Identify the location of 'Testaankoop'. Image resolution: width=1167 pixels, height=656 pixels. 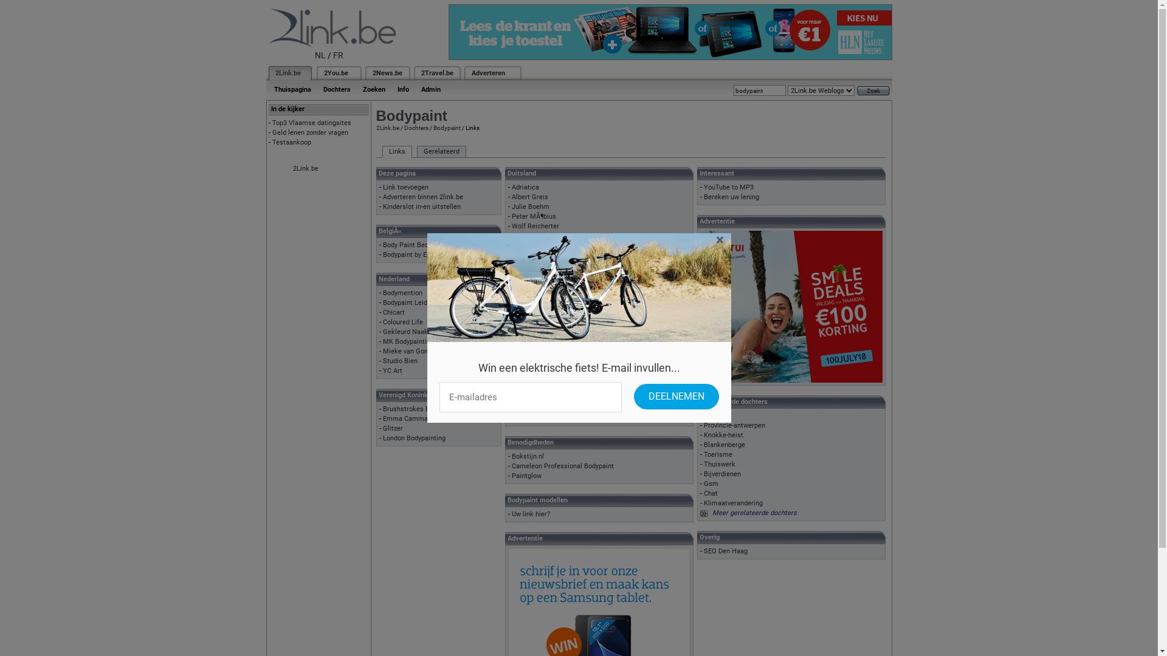
(292, 142).